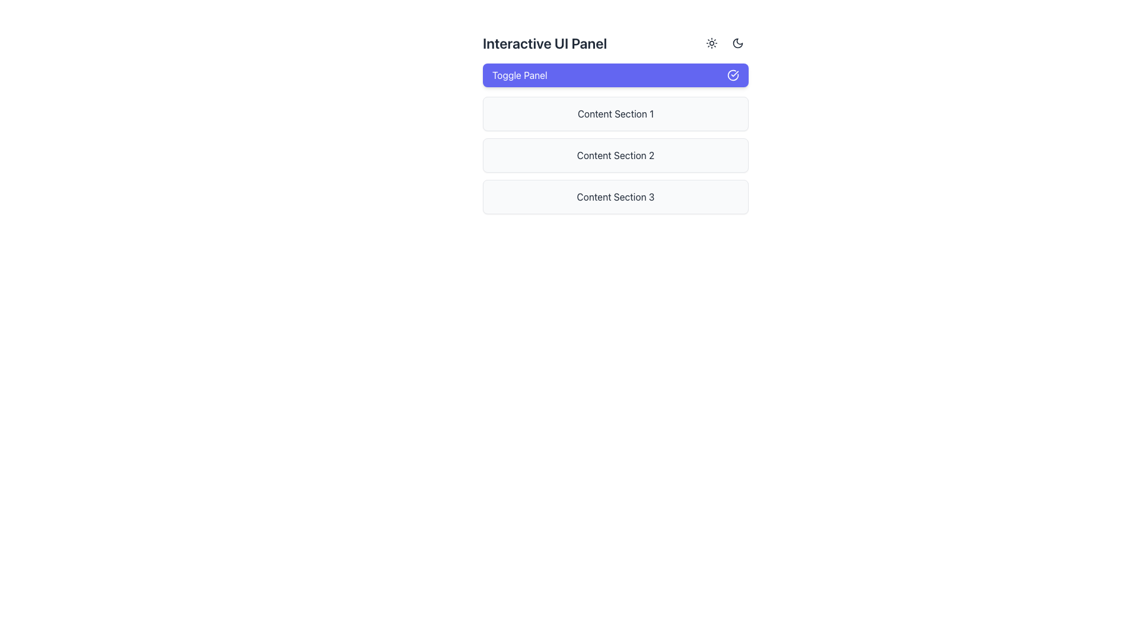 The width and height of the screenshot is (1139, 641). What do you see at coordinates (733, 75) in the screenshot?
I see `the SVG-based circular icon with a checkmark inside, located at the top-right corner of the purple 'Toggle Panel' button, if it is enabled` at bounding box center [733, 75].